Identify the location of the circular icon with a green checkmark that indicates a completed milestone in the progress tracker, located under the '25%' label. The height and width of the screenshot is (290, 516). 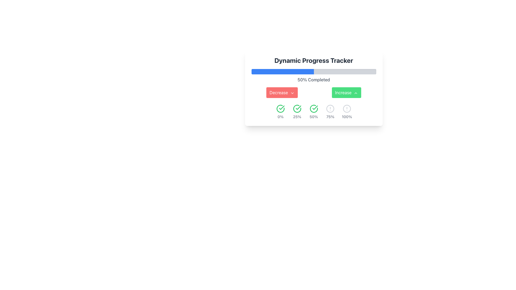
(297, 109).